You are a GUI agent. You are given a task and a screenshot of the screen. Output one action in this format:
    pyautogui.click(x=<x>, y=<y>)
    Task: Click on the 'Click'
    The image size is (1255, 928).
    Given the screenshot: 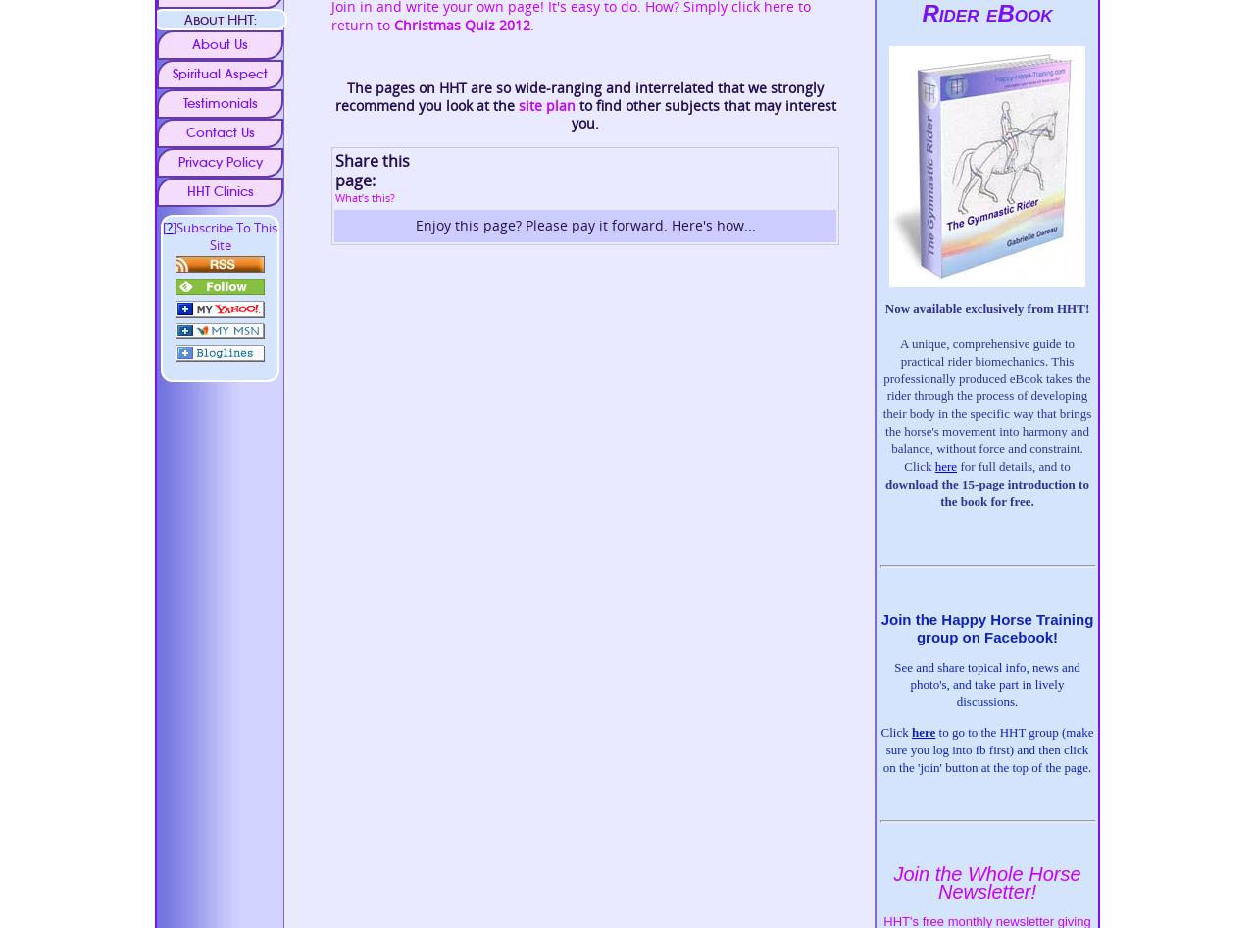 What is the action you would take?
    pyautogui.click(x=894, y=731)
    